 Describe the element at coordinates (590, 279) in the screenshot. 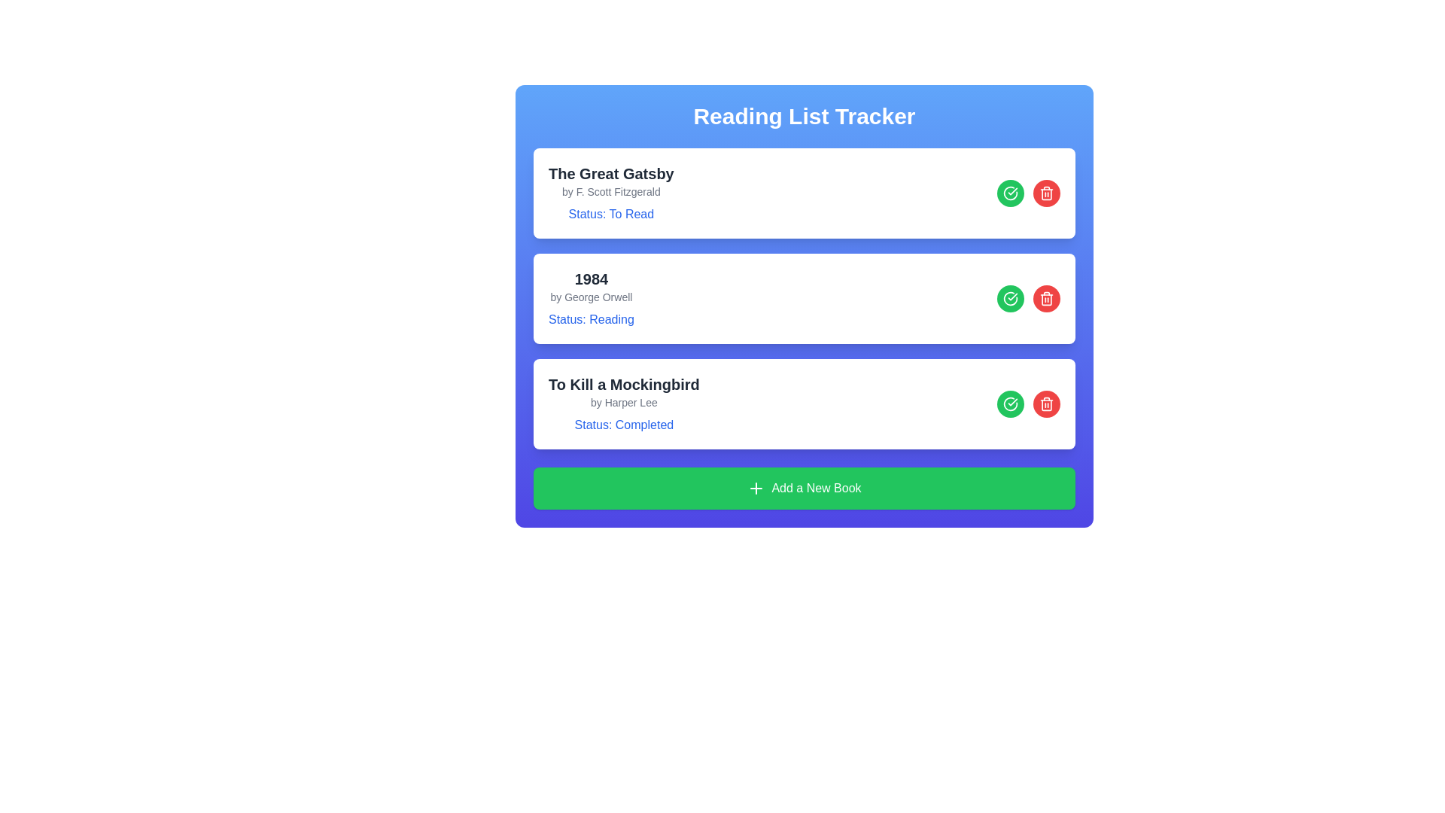

I see `the text label displaying '1984' in bold black font, which is the title of the second book in a vertical list, located above 'by George Orwell' and 'Status: Reading'` at that location.